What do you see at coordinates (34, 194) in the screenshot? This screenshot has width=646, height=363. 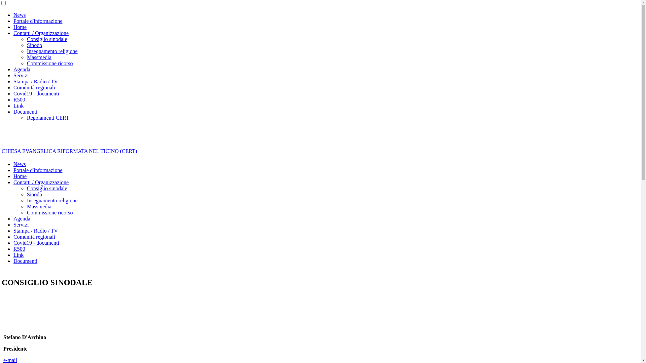 I see `'Sinodo'` at bounding box center [34, 194].